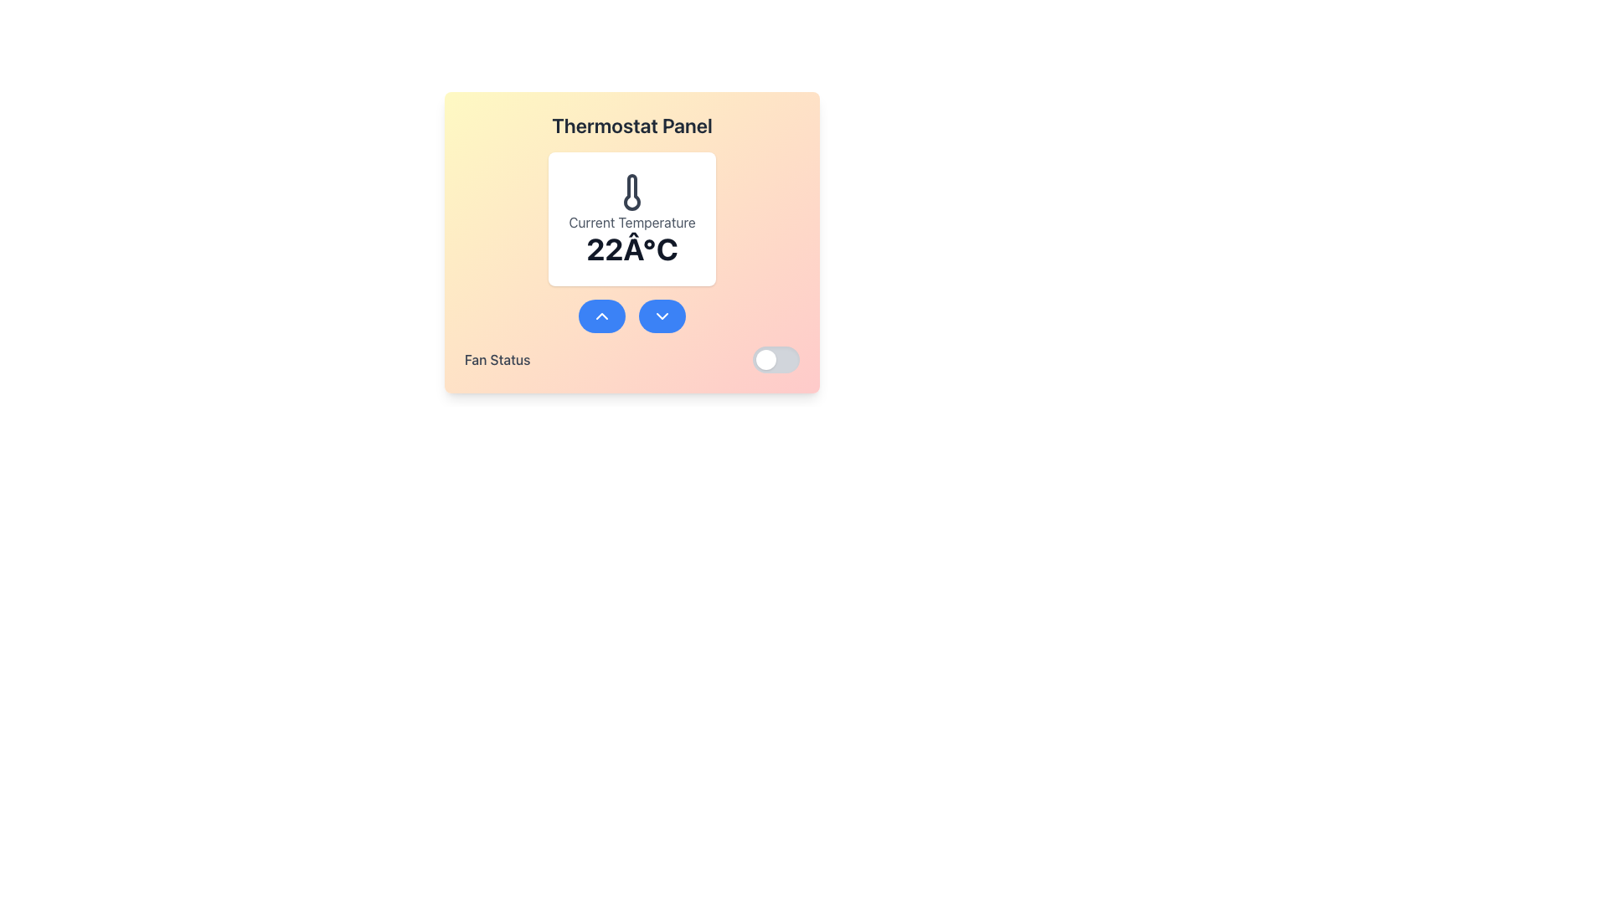 The width and height of the screenshot is (1608, 904). Describe the element at coordinates (631, 242) in the screenshot. I see `information displayed on the Interactive Panel, which includes the text 'Thermostat Panel', 'Current Temperature', and the temperature value '22Â°C'` at that location.